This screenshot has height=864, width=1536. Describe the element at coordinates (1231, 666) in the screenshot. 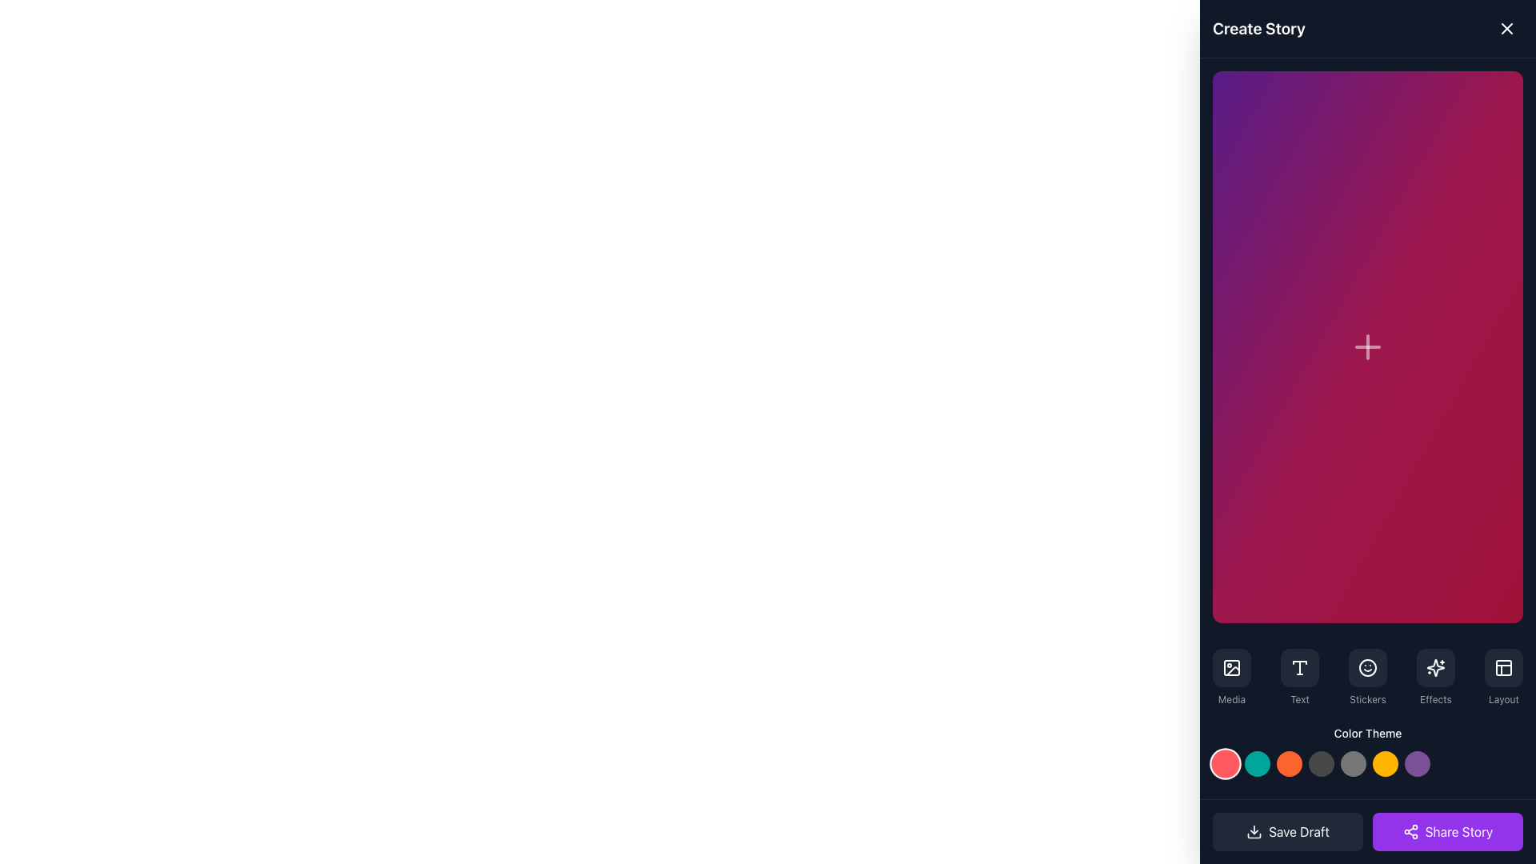

I see `the main rectangular button within the icon located at the lower portion of the right sidebar` at that location.